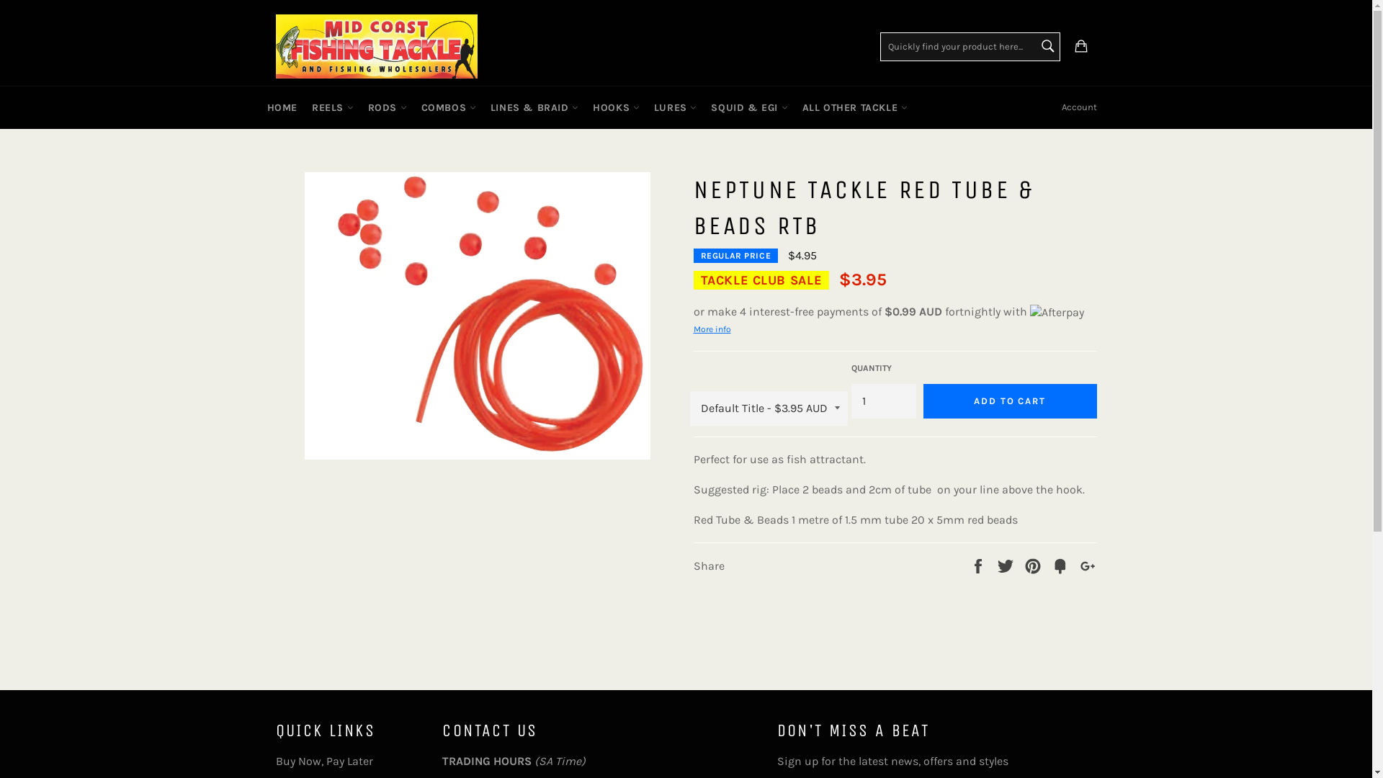 This screenshot has width=1383, height=778. I want to click on 'RODS', so click(387, 107).